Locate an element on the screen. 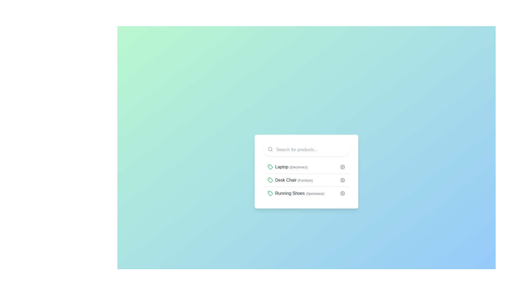 The width and height of the screenshot is (518, 291). the first list item representing a product category for laptops under electronics is located at coordinates (306, 167).